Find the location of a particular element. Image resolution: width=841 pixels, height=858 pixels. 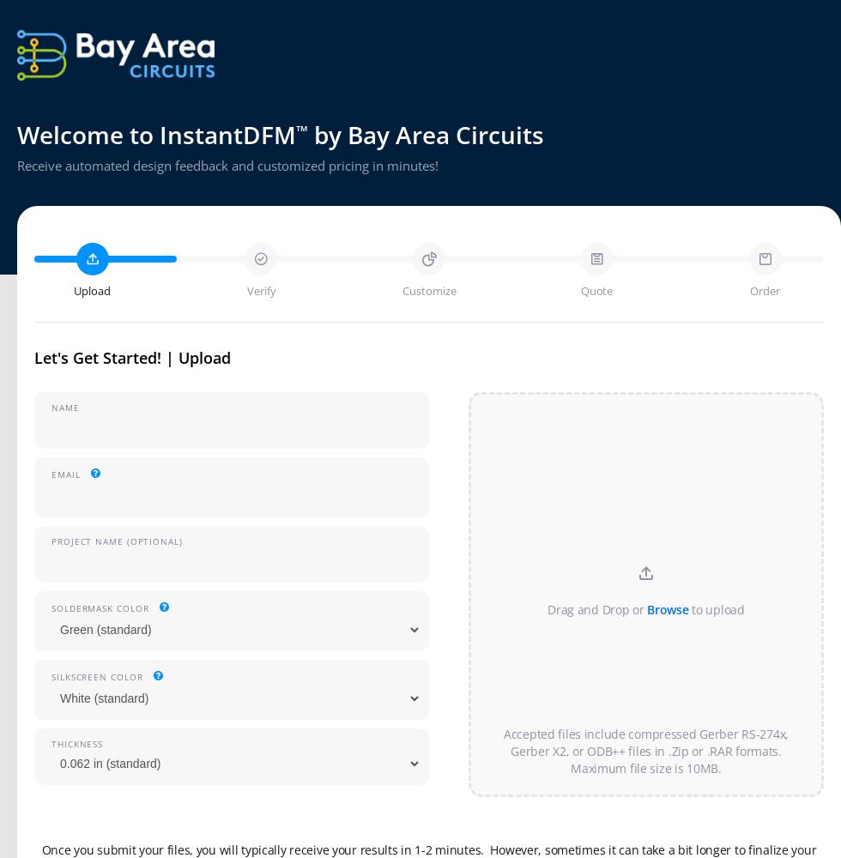

'Order' is located at coordinates (765, 289).